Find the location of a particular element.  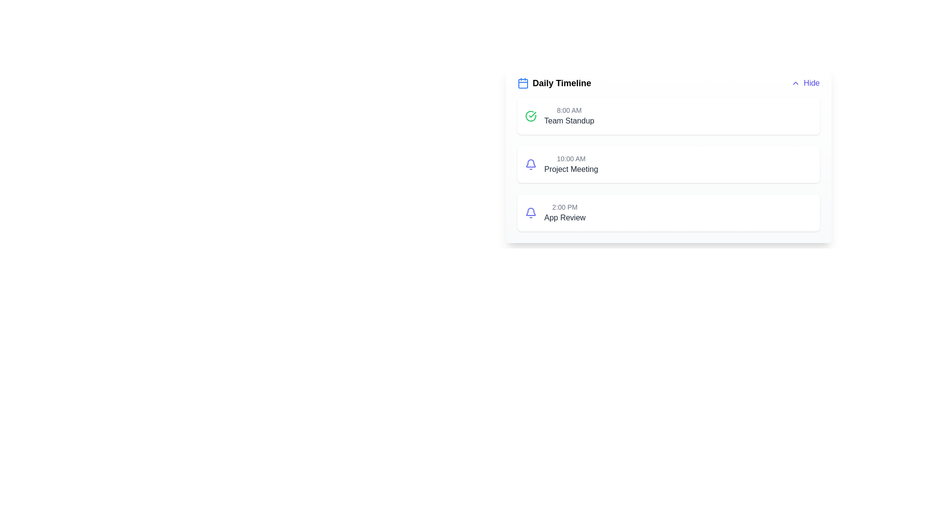

the outlined bell icon styled in a soft indigo shade located to the left of the '2:00 PM App Review' card in the 'Daily Timeline' list is located at coordinates (530, 212).